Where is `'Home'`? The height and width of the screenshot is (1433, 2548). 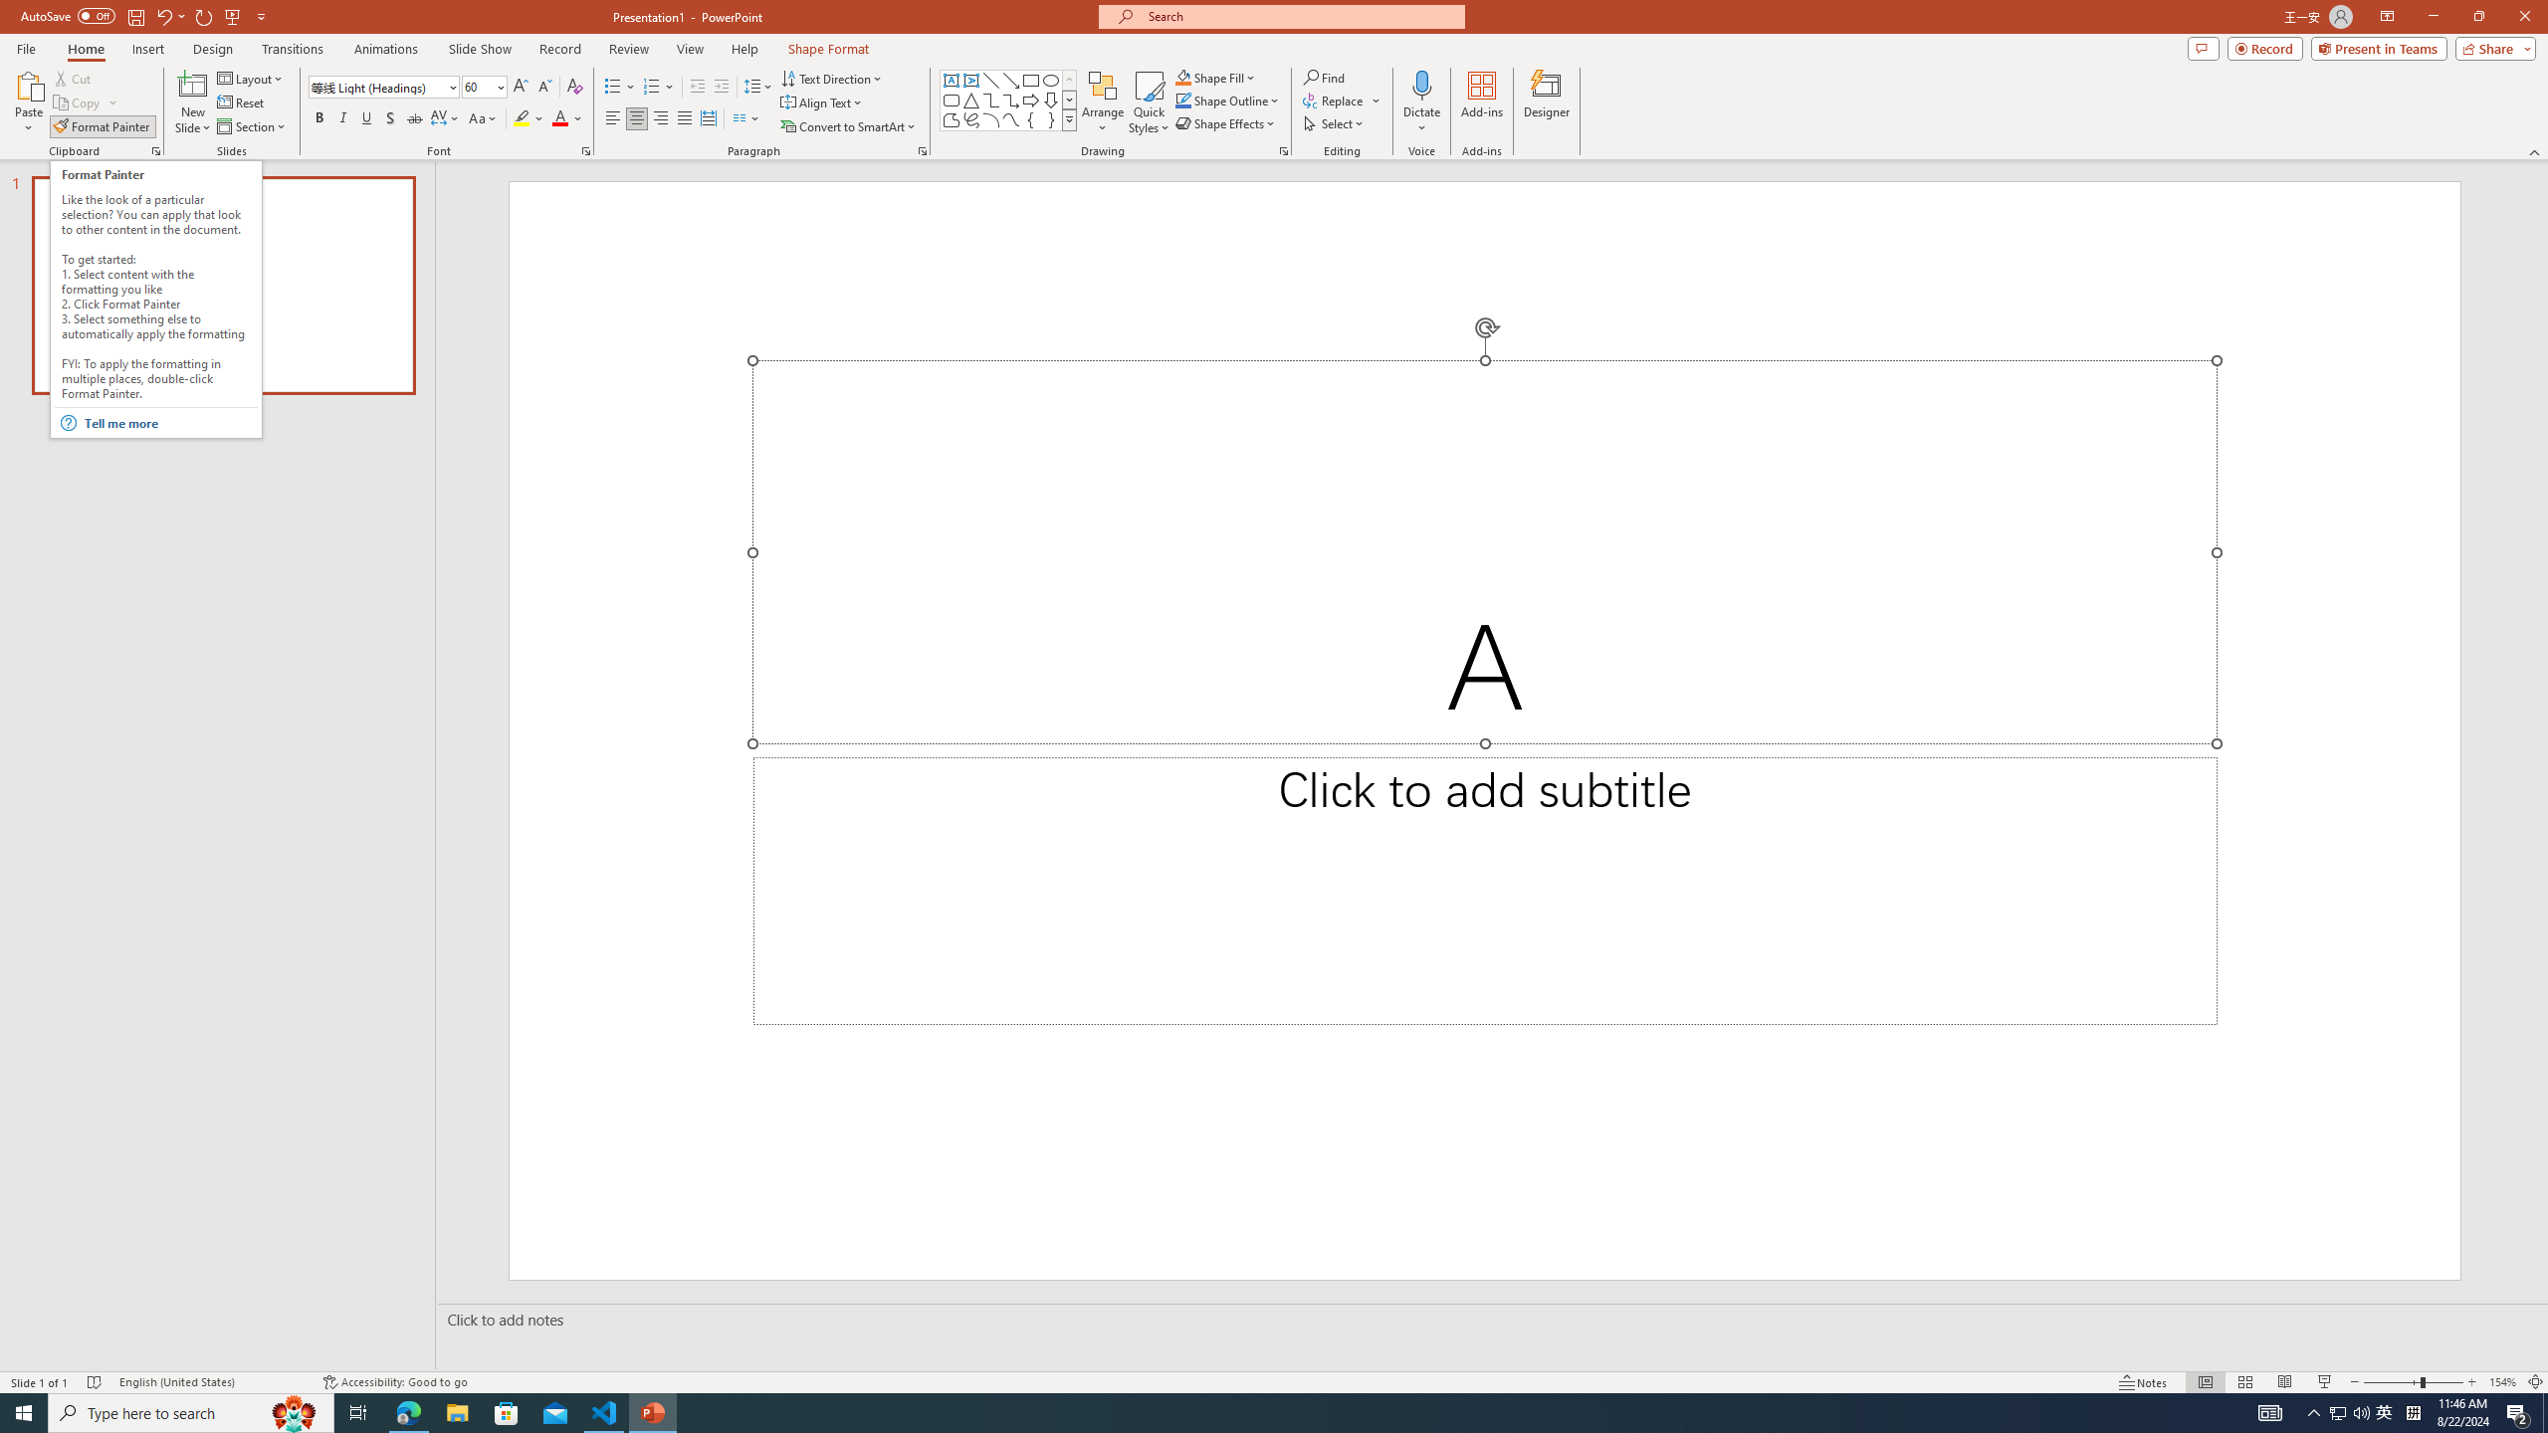
'Home' is located at coordinates (85, 49).